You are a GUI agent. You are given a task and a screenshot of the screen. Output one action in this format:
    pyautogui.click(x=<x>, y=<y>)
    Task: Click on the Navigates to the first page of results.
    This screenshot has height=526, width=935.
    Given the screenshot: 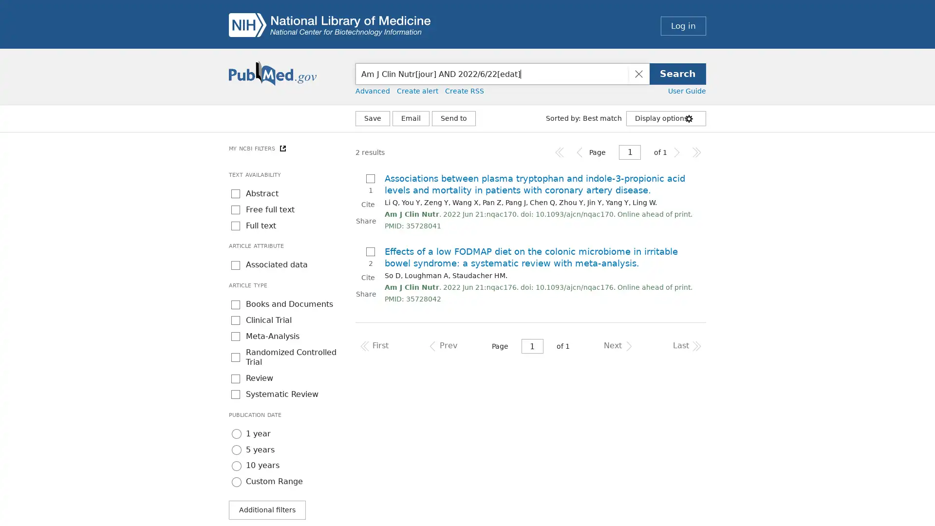 What is the action you would take?
    pyautogui.click(x=560, y=152)
    